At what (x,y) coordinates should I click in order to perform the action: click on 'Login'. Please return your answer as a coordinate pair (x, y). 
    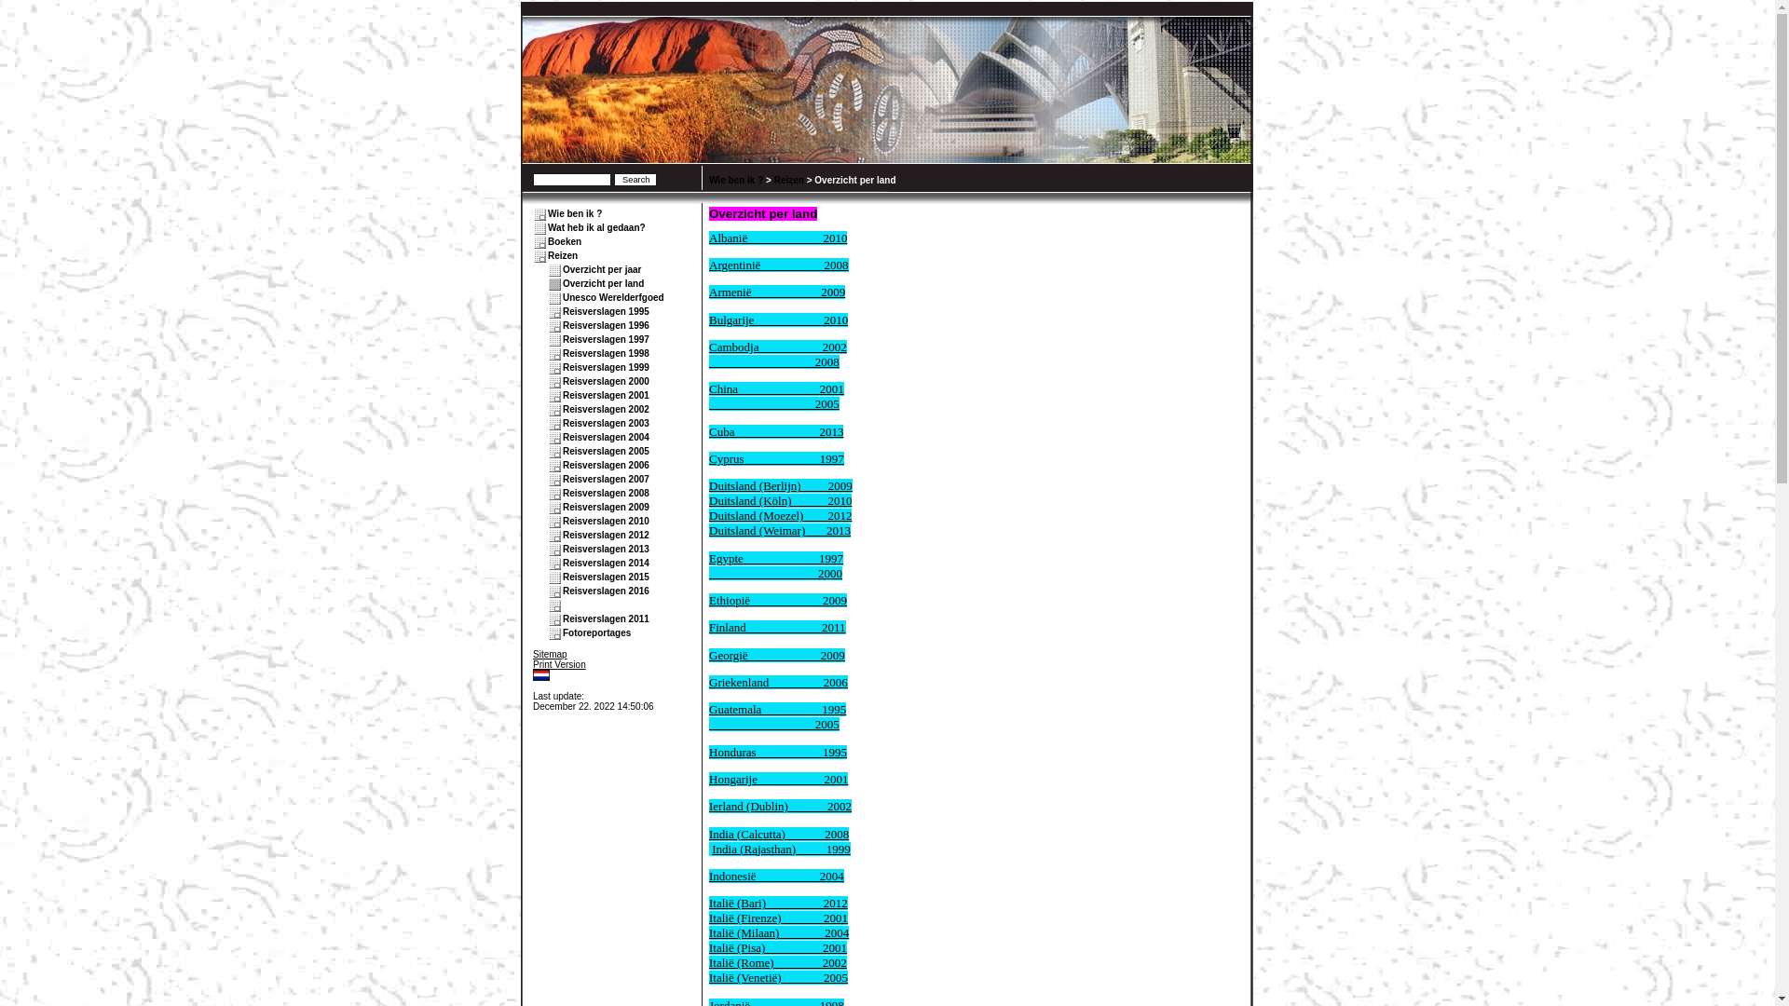
    Looking at the image, I should click on (531, 686).